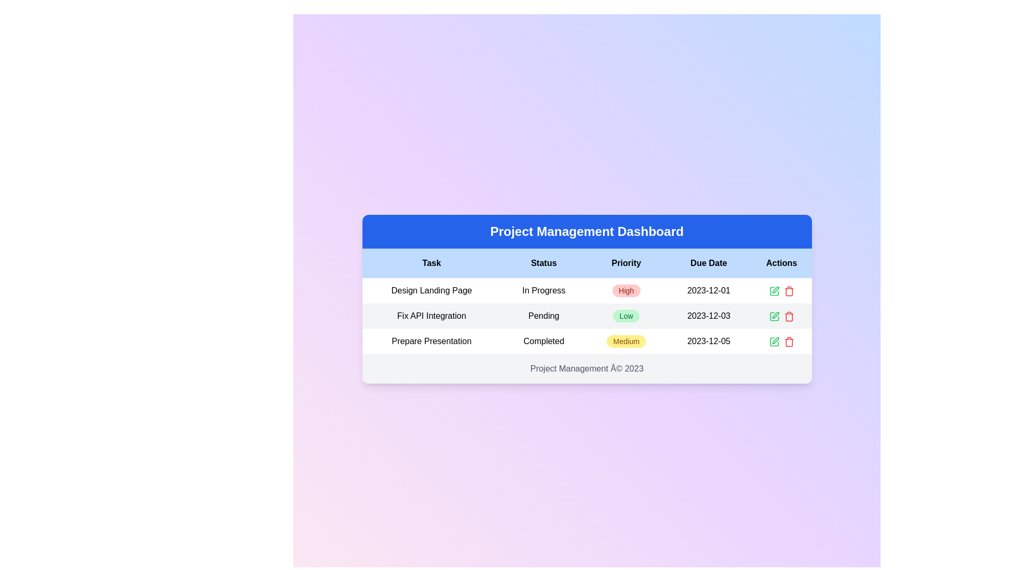  What do you see at coordinates (775, 315) in the screenshot?
I see `the edit icon located in the last column of the second row under the 'Actions' header in the table` at bounding box center [775, 315].